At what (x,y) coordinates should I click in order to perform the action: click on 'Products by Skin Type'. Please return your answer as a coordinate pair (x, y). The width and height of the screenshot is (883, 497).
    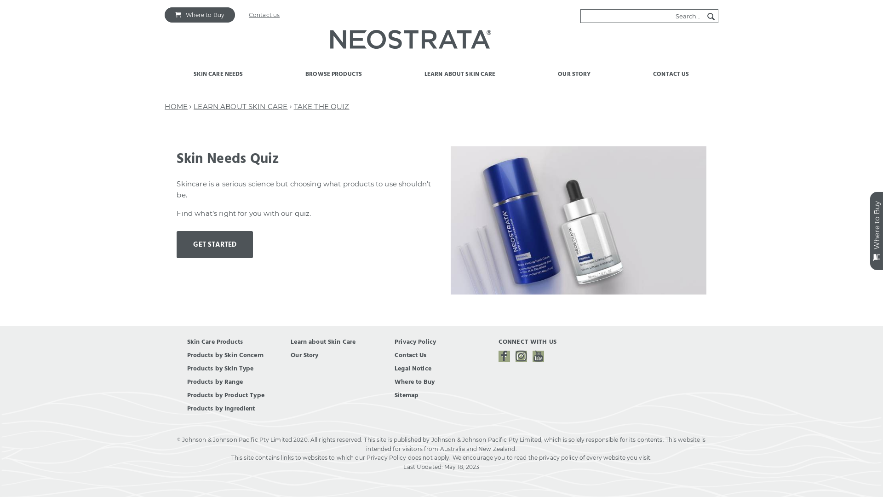
    Looking at the image, I should click on (220, 368).